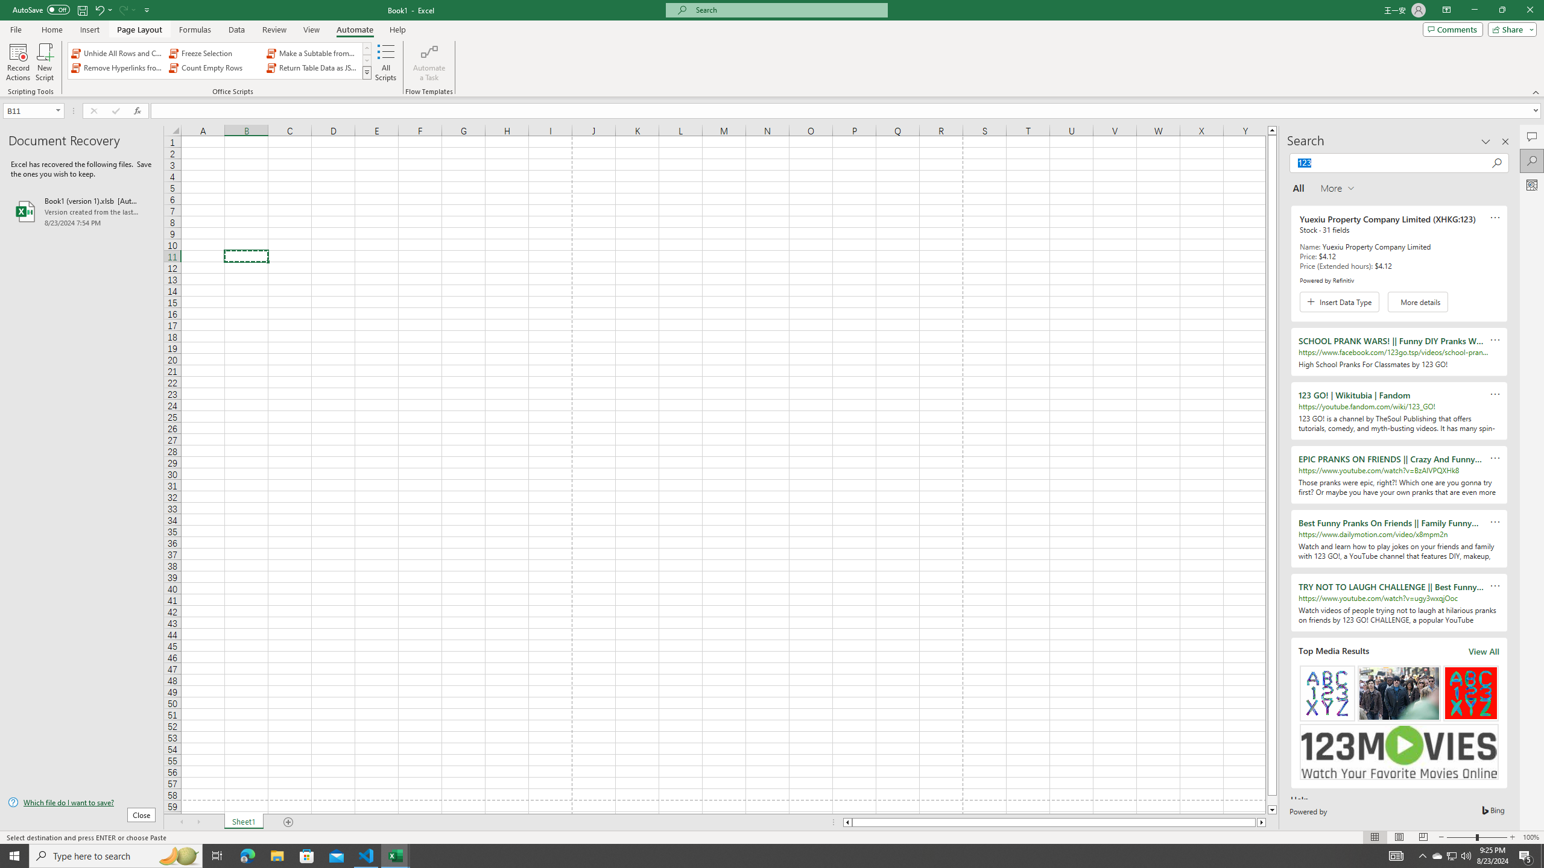 Image resolution: width=1544 pixels, height=868 pixels. I want to click on 'Make a Subtable from a Selection', so click(312, 53).